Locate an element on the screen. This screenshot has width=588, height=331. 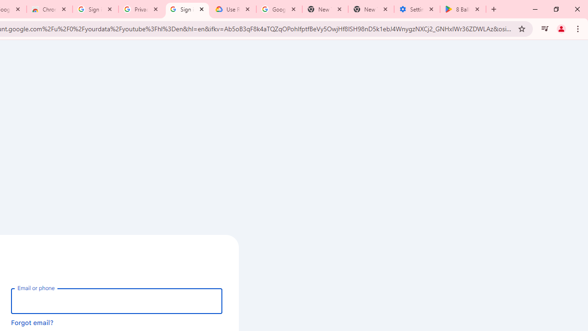
'Email or phone' is located at coordinates (116, 301).